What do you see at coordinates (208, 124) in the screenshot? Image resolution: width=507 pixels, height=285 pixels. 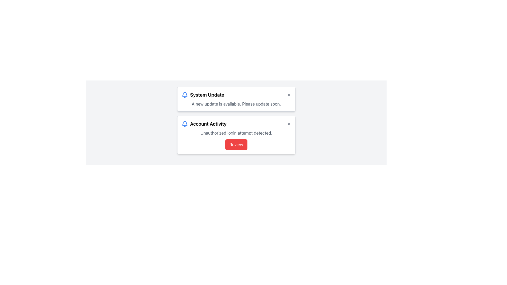 I see `the 'Account Activity' text label, which is a prominent heading styled in bold and larger font, located below the 'System Update' card and accompanied by a blue bell icon` at bounding box center [208, 124].